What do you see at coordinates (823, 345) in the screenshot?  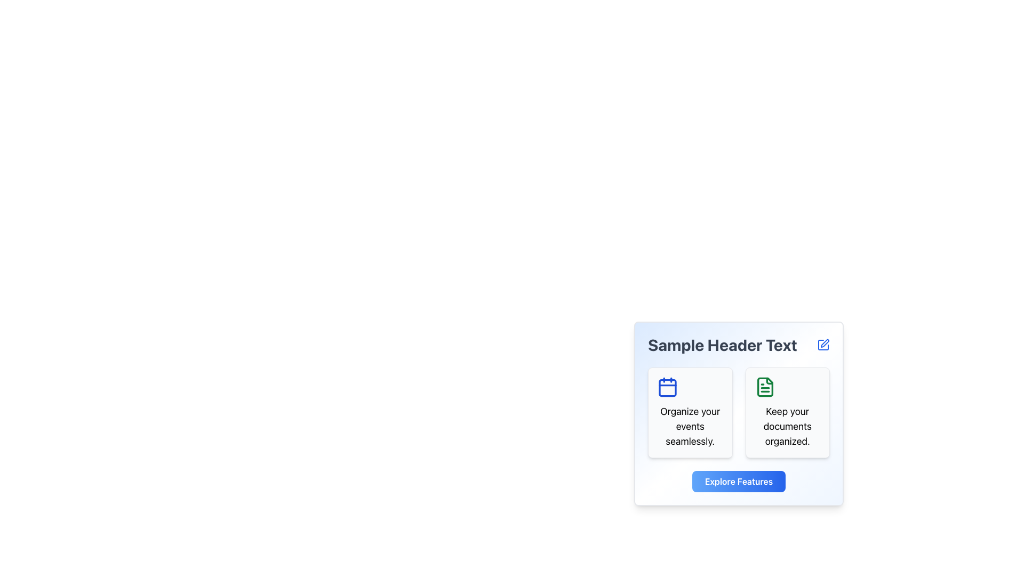 I see `the Icon button located to the right of 'Sample Header Text'` at bounding box center [823, 345].